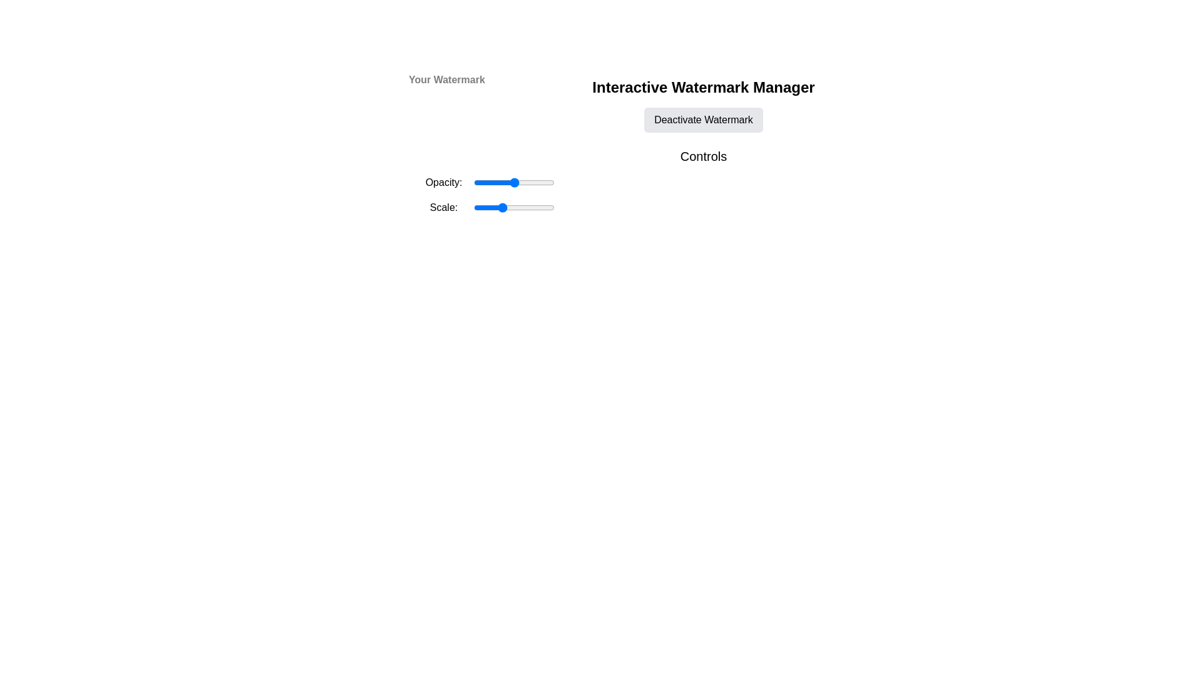 The height and width of the screenshot is (676, 1202). What do you see at coordinates (703, 86) in the screenshot?
I see `the static text label displaying the title 'Interactive Watermark Manager', which is styled in a larger, bold font and serves as the header above the 'Deactivate Watermark' button` at bounding box center [703, 86].